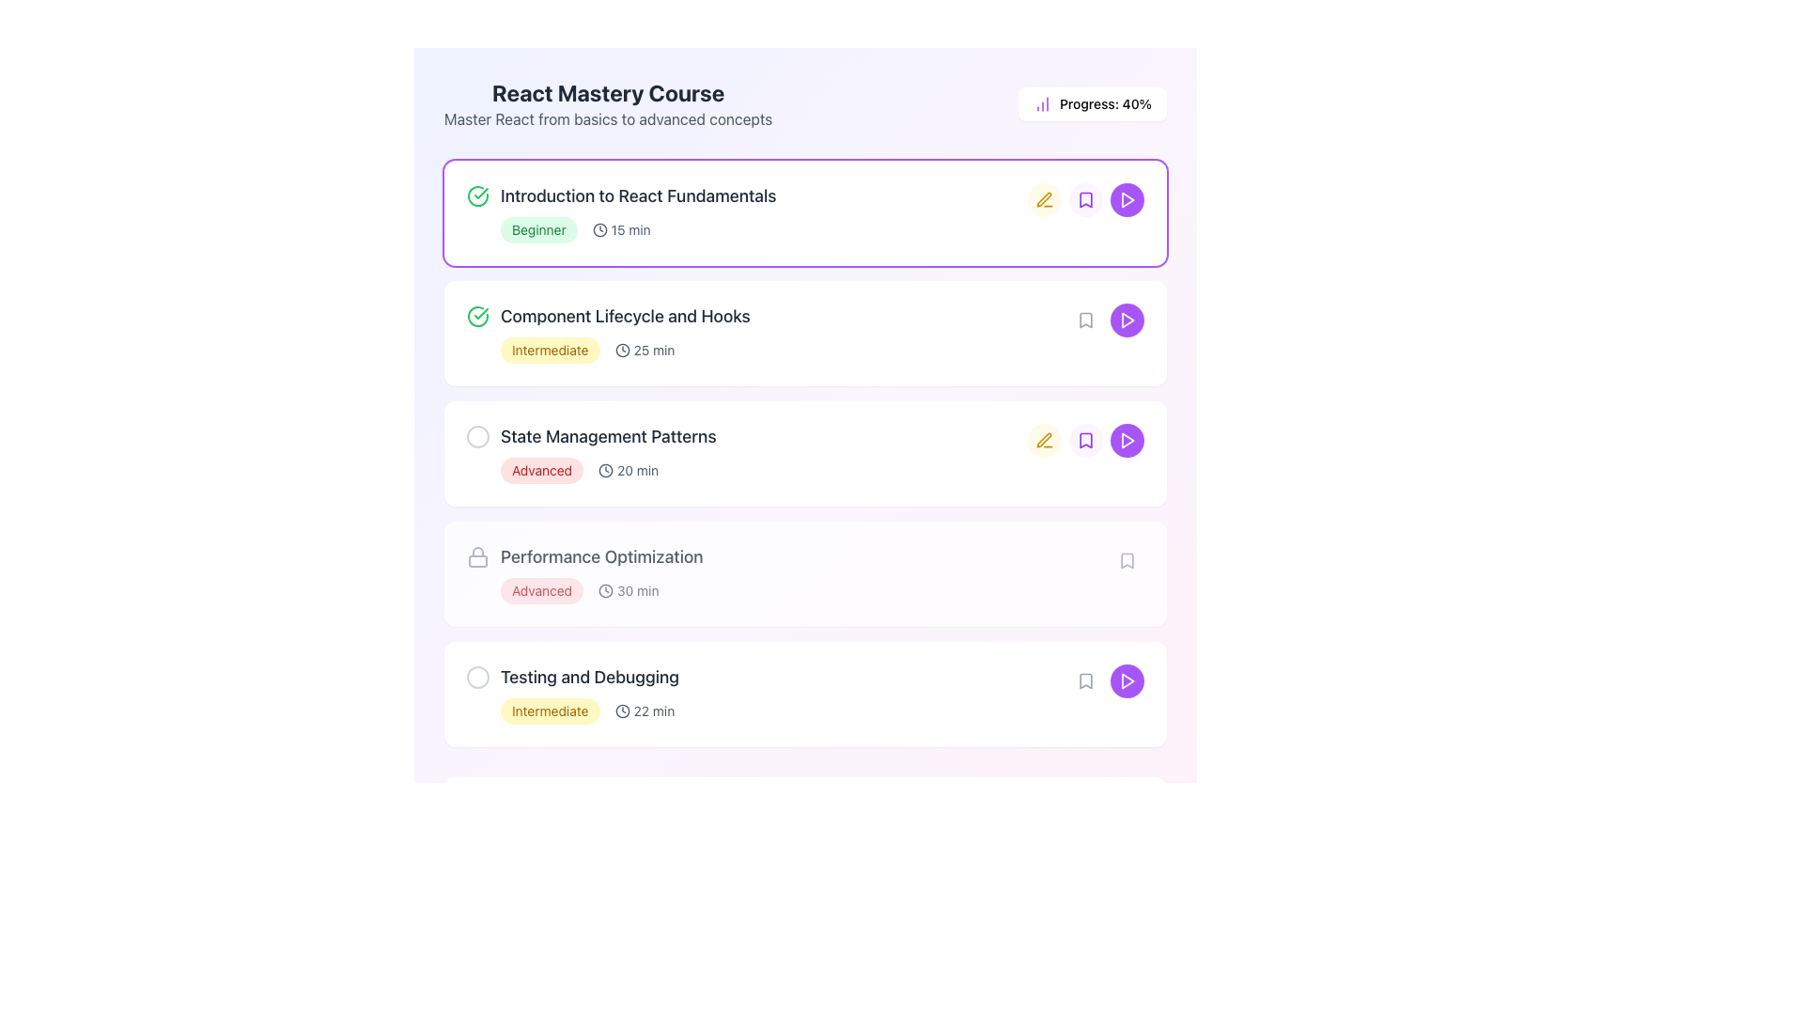  What do you see at coordinates (1127, 560) in the screenshot?
I see `the Bookmark icon located in the fifth row under 'React Mastery Course' next to the play button` at bounding box center [1127, 560].